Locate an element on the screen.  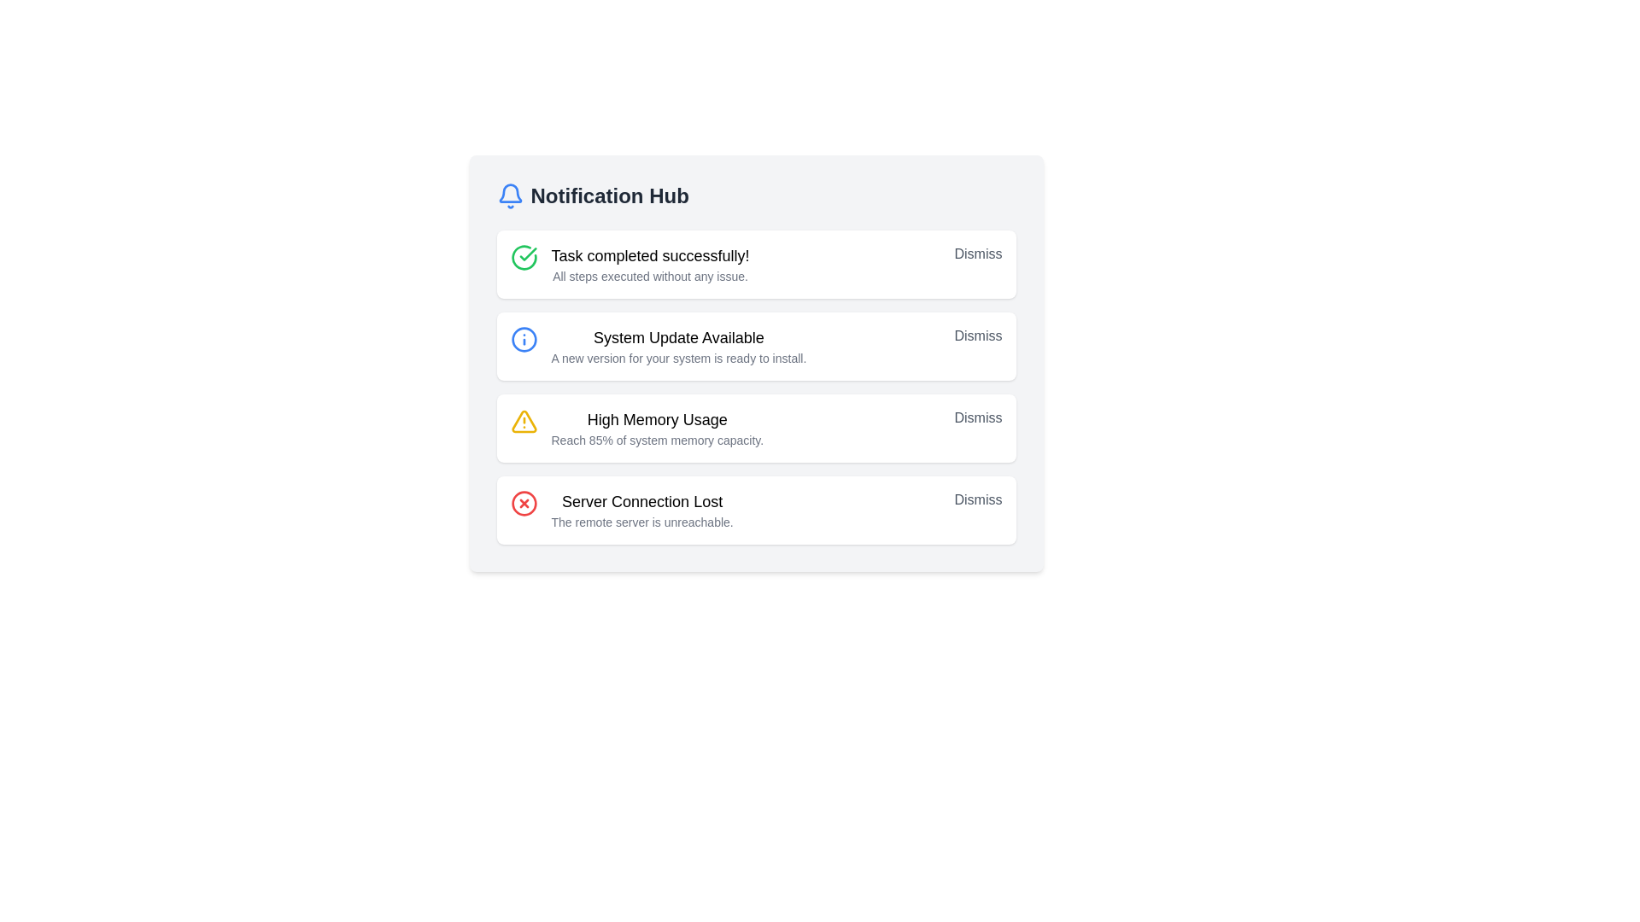
the text element displaying the message 'A new version for your system is ready to install.' which is styled in a smaller gray font and positioned below 'System Update Available' in the notification section is located at coordinates (677, 358).